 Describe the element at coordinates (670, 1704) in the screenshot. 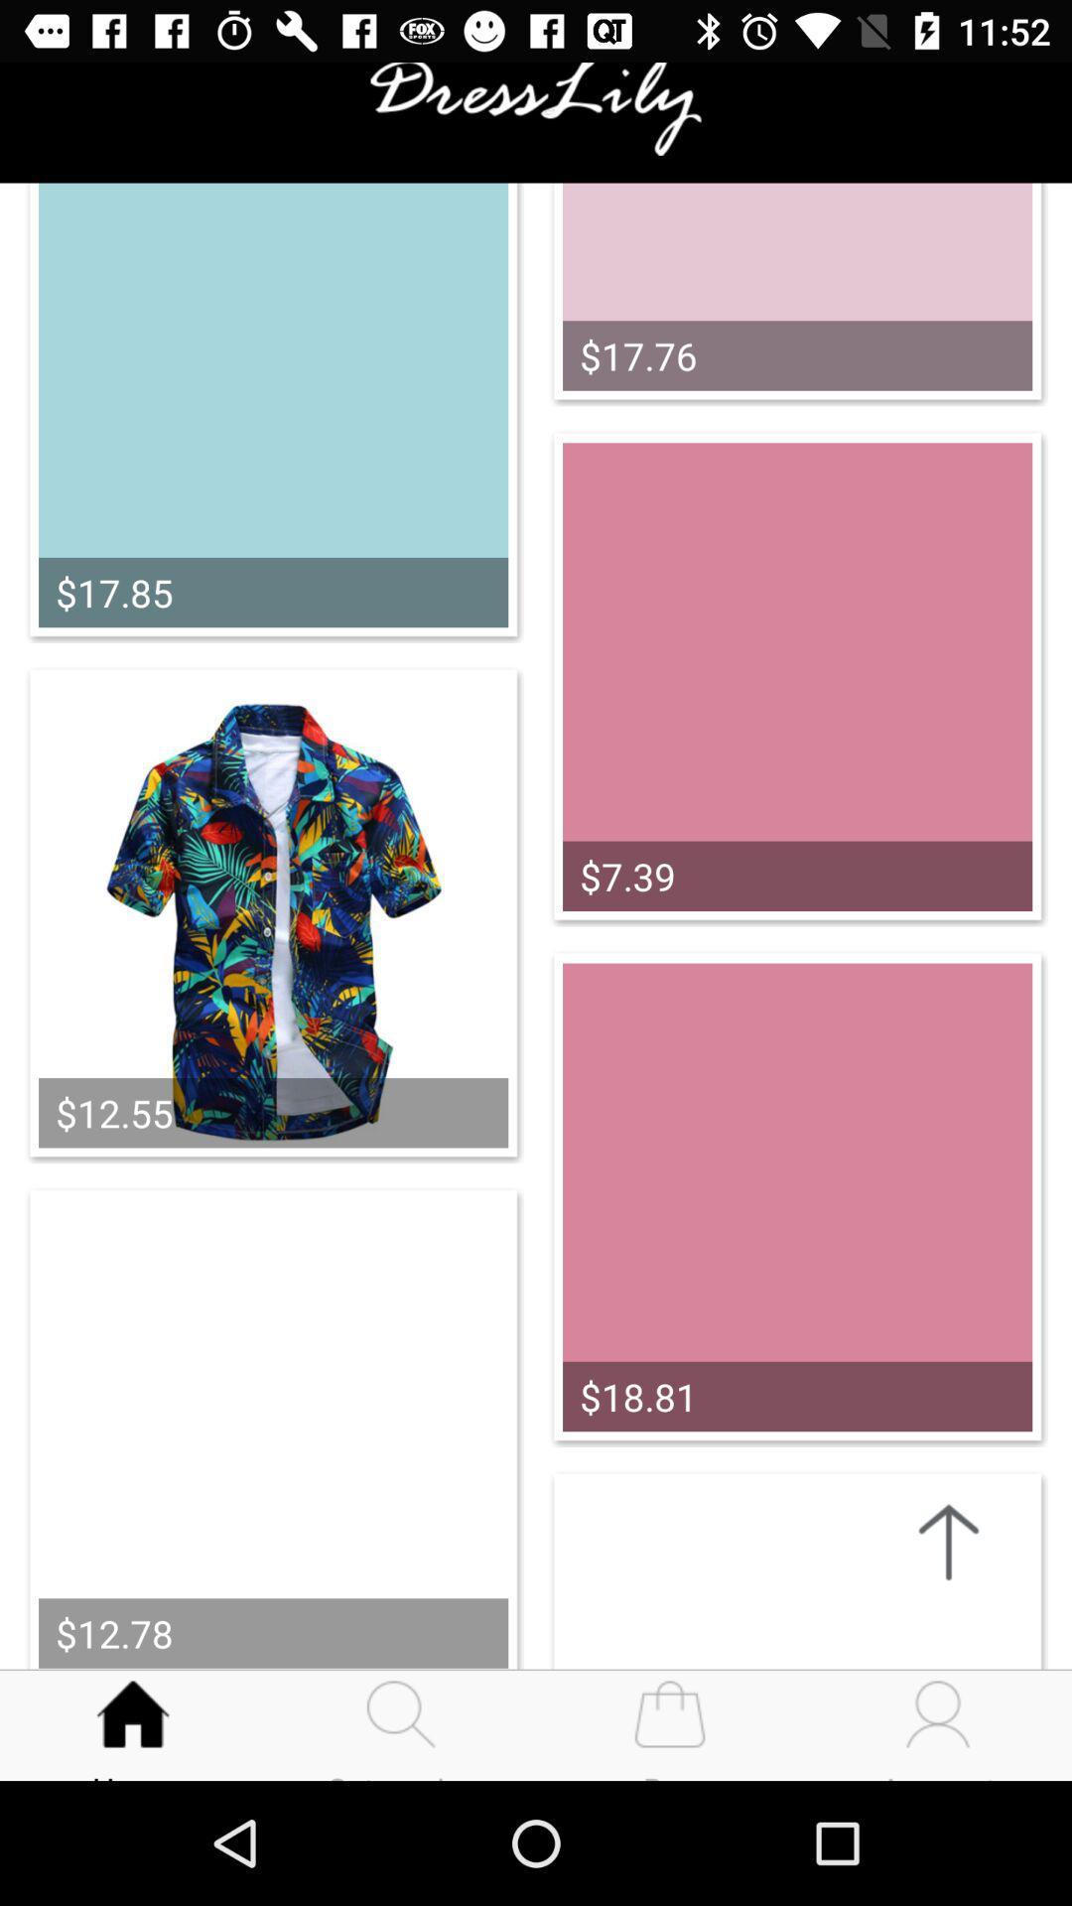

I see `the third icon on bottom` at that location.